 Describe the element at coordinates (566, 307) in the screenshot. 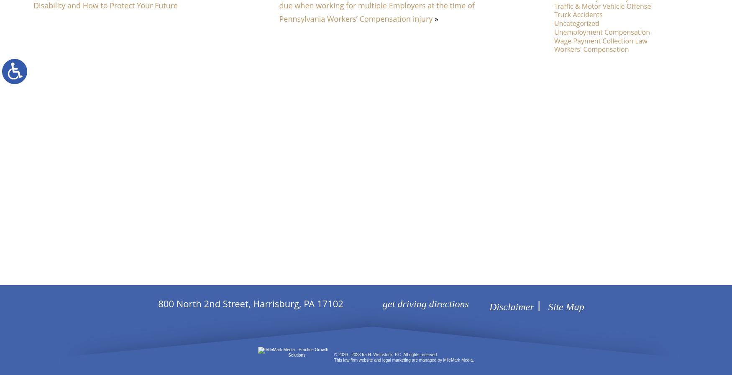

I see `'Site Map'` at that location.